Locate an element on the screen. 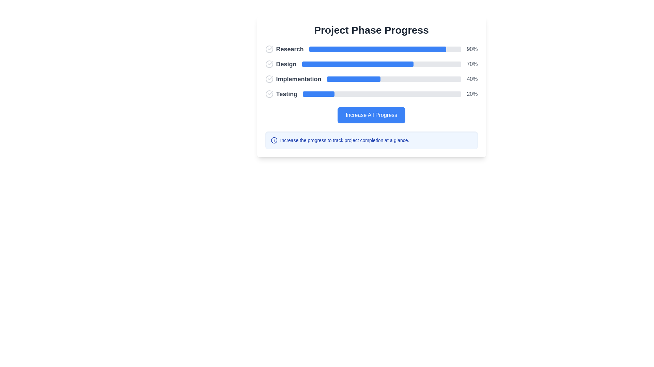  the progress bar indicating 40% completion of the 'Implementation' phase, which is the third progress bar in the vertical list of 'Project Phase Progress' is located at coordinates (371, 78).